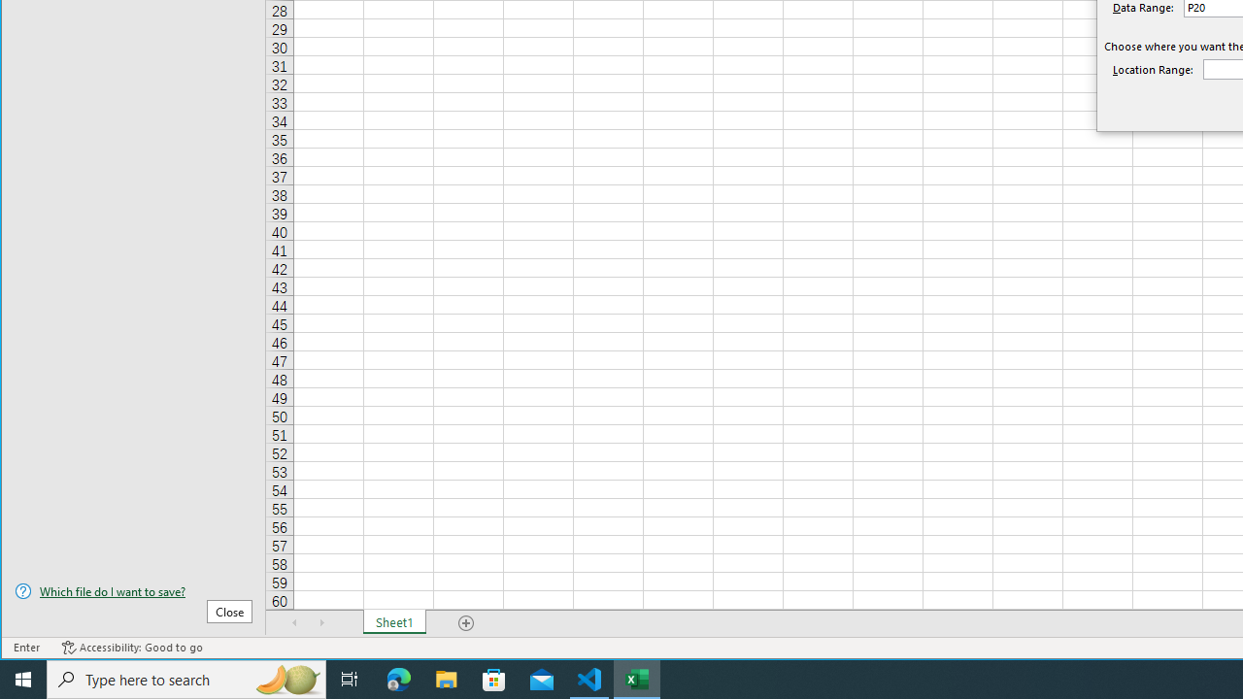  I want to click on 'Scroll Left', so click(294, 622).